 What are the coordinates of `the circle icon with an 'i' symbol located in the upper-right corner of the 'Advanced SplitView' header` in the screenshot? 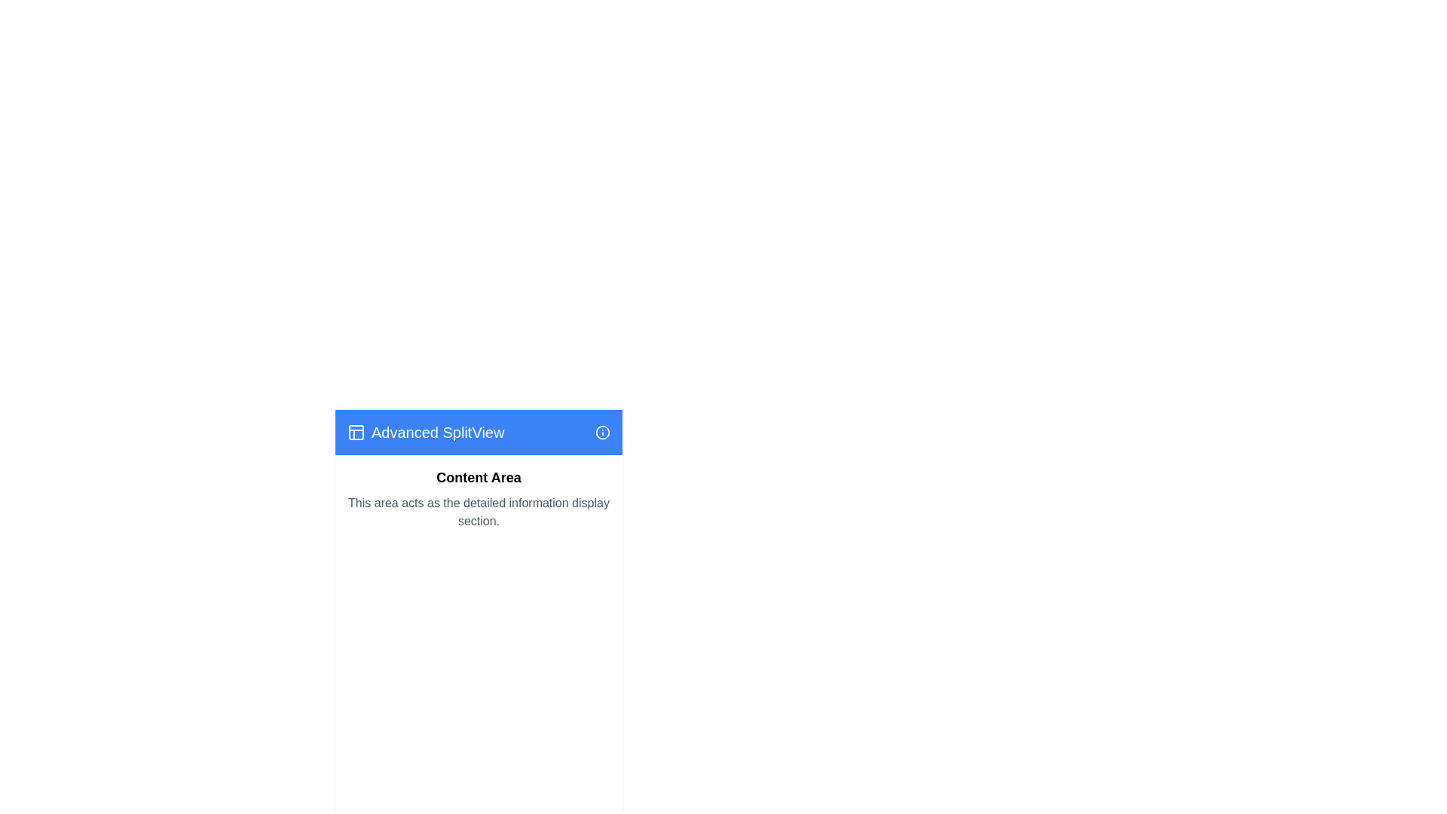 It's located at (603, 433).